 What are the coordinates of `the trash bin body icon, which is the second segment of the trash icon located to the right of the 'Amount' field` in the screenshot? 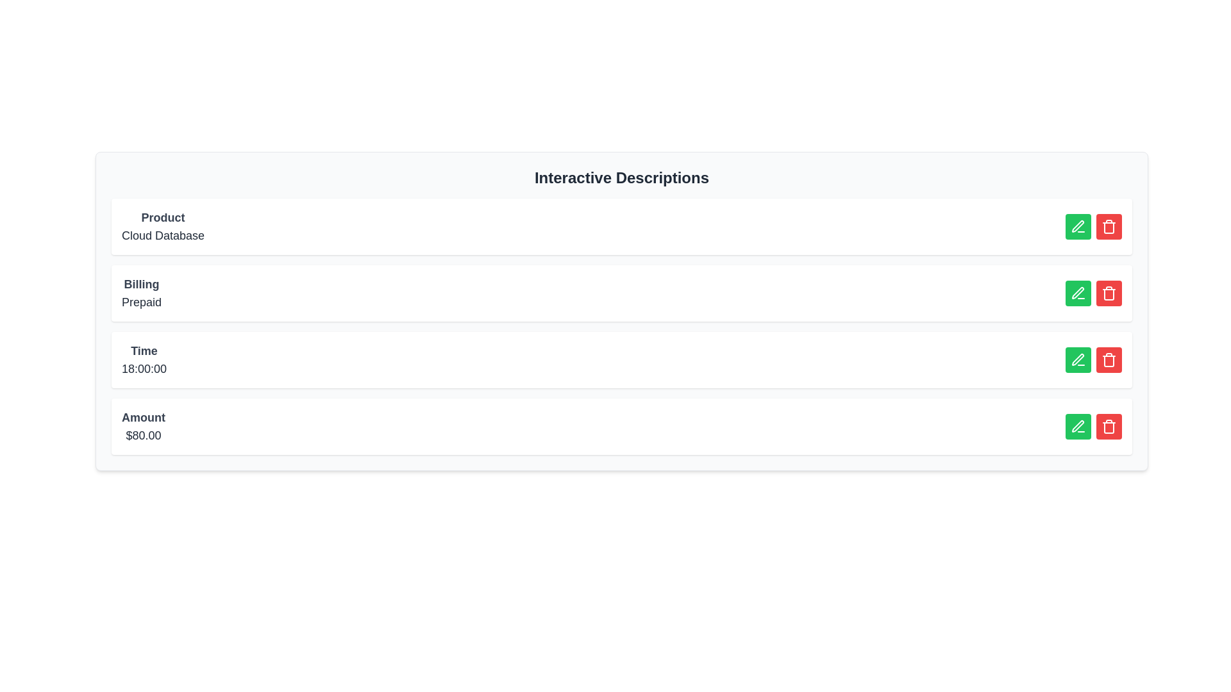 It's located at (1108, 427).